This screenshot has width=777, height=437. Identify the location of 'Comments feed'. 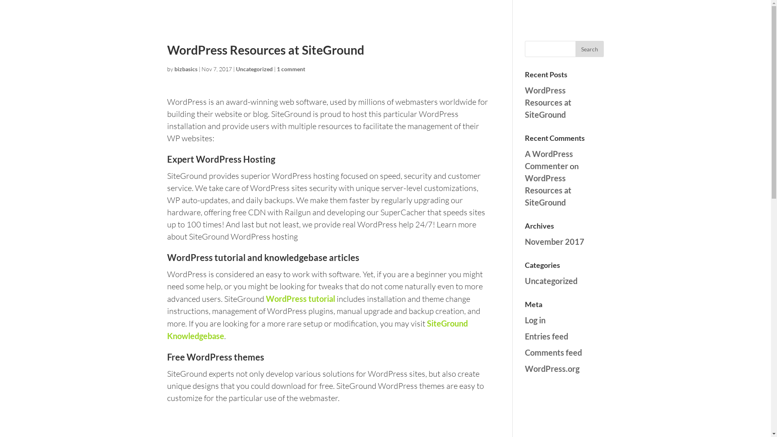
(553, 352).